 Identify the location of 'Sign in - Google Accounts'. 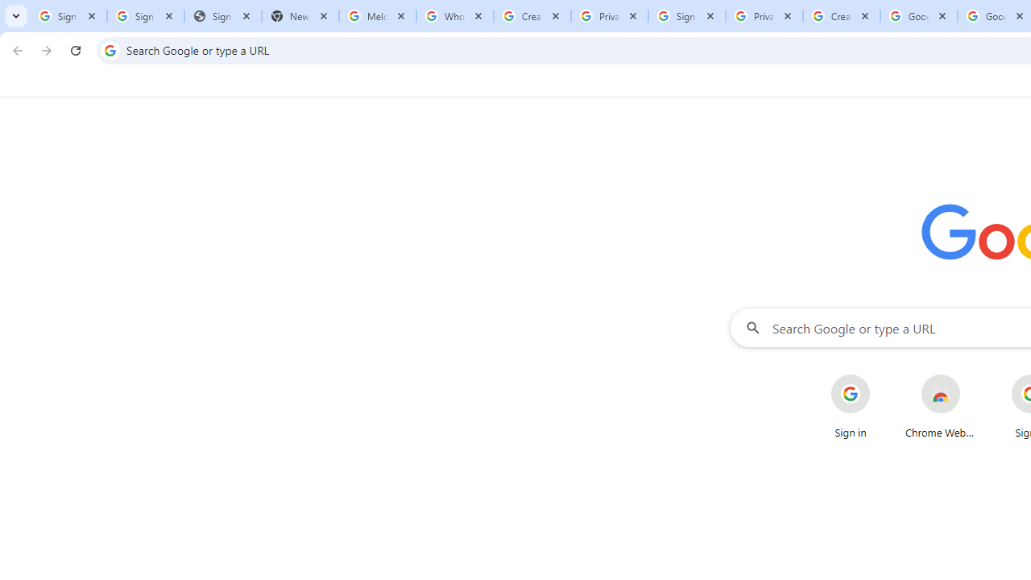
(68, 16).